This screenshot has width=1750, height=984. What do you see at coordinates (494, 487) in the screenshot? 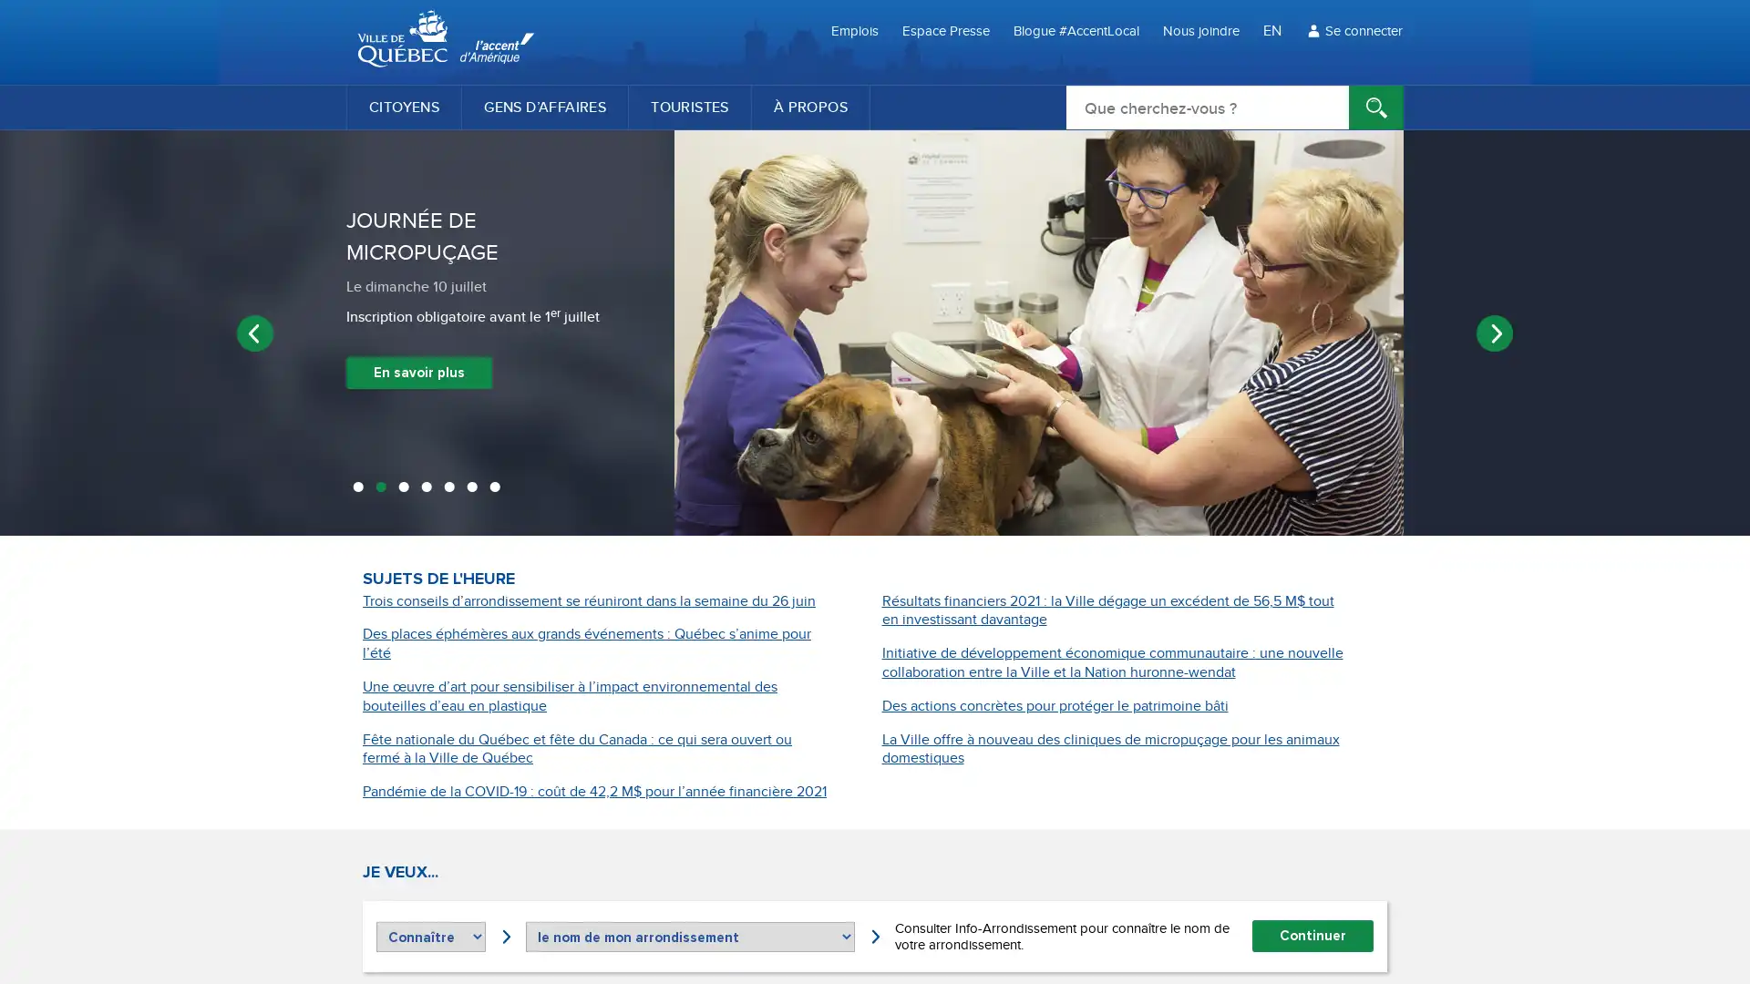
I see `Diapositive numero 7` at bounding box center [494, 487].